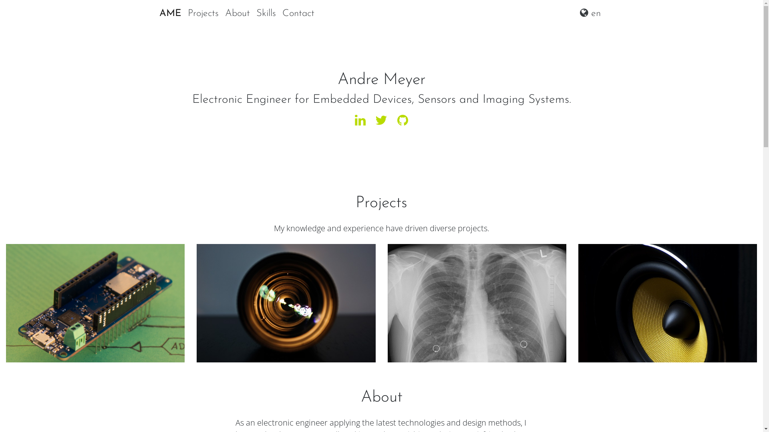 Image resolution: width=769 pixels, height=432 pixels. I want to click on 'en', so click(590, 14).